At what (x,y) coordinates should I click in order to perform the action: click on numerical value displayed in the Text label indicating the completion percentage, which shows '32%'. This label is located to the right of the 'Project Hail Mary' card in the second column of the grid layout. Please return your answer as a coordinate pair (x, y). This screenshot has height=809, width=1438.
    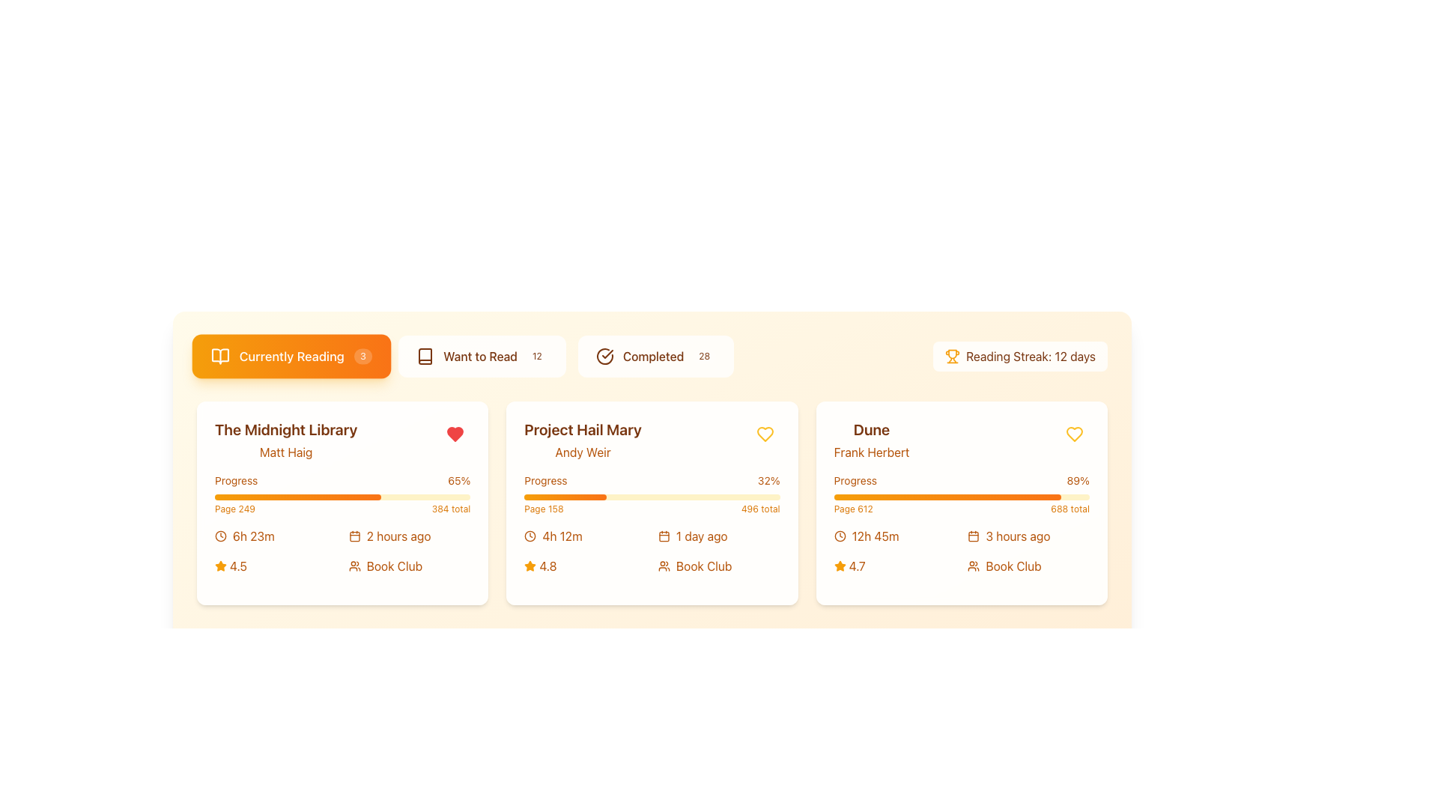
    Looking at the image, I should click on (768, 480).